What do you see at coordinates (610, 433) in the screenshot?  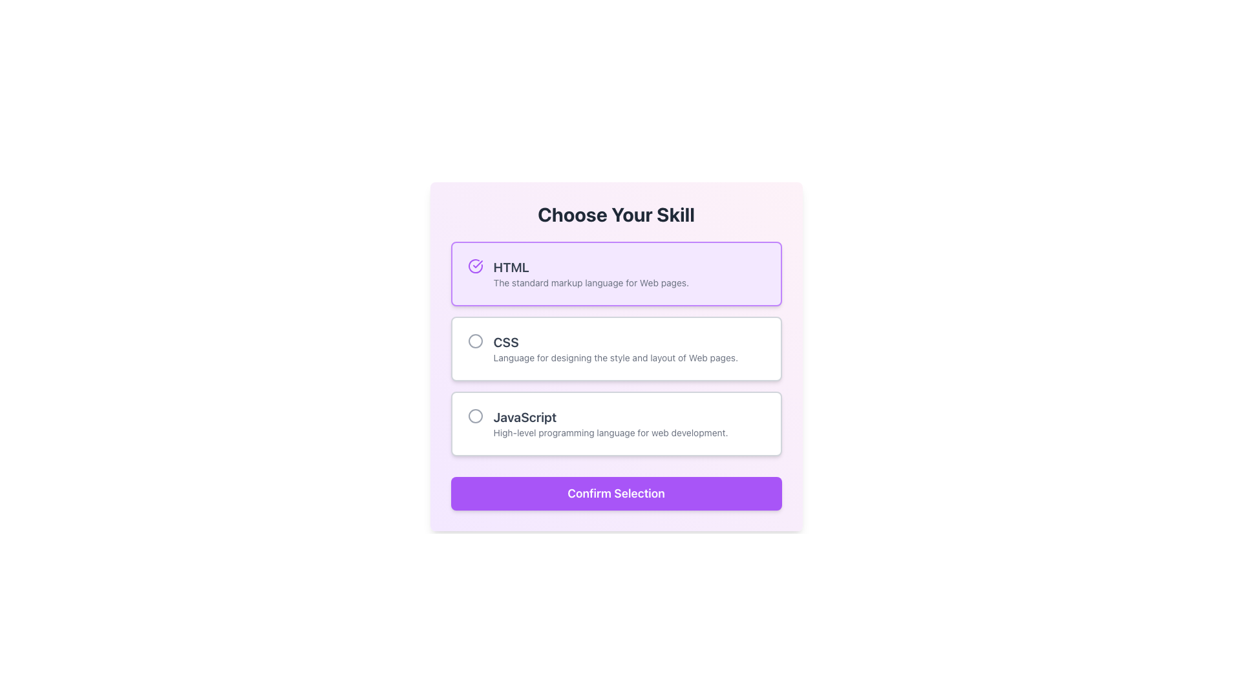 I see `the descriptive text label located underneath the bold header 'JavaScript' within the content card for 'JavaScript'` at bounding box center [610, 433].